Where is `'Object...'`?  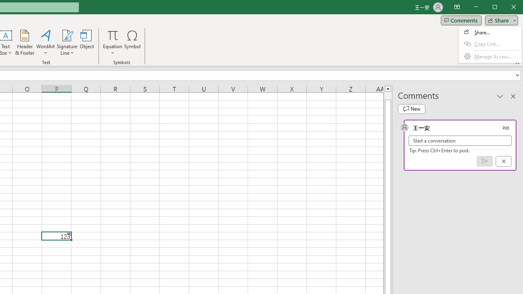 'Object...' is located at coordinates (87, 42).